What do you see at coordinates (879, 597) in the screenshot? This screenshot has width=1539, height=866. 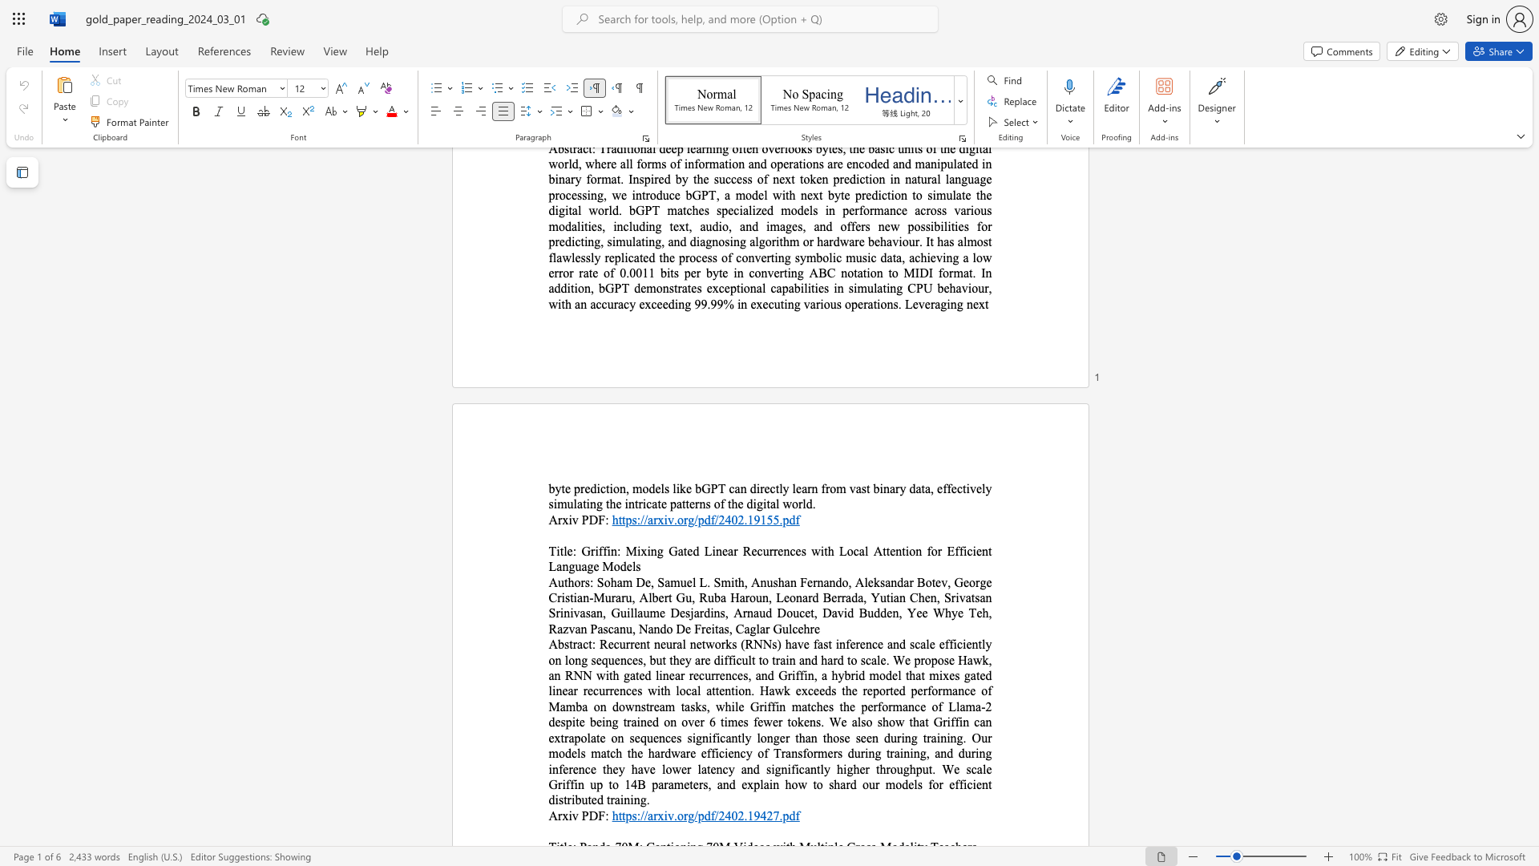 I see `the subset text "utian Chen, Srivatsan Srinivasan, Guillaume Desjardins, Arnaud Doucet, David Budden, Yee Whye Teh, Razvan Pas" within the text "Soham De, Samuel L. Smith, Anushan Fernando, Aleksandar Botev, George Cristian-Muraru, Albert Gu, Ruba Haroun, Leonard Berrada, Yutian Chen, Srivatsan Srinivasan, Guillaume Desjardins, Arnaud Doucet, David Budden, Yee Whye Teh, Razvan Pascanu, Nando De Freitas, Caglar Gulcehre"` at bounding box center [879, 597].